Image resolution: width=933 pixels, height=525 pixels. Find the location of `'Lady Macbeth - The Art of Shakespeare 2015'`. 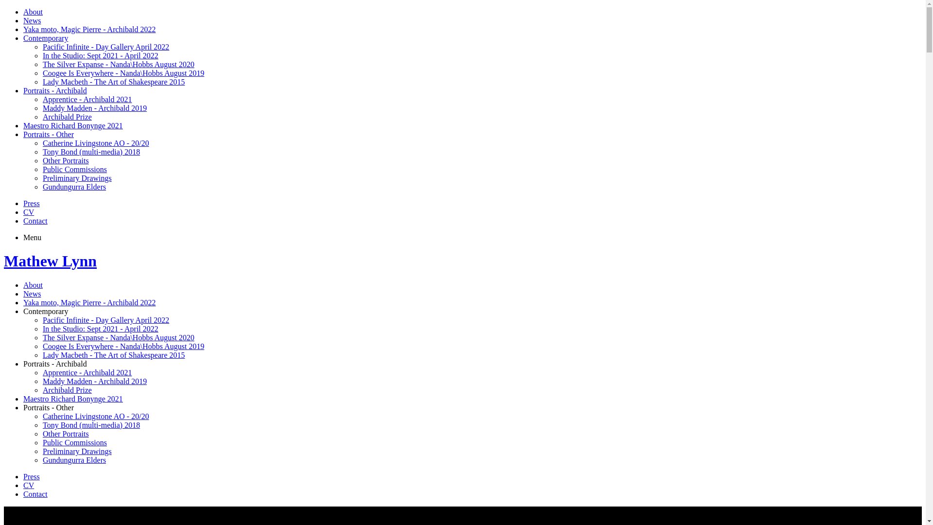

'Lady Macbeth - The Art of Shakespeare 2015' is located at coordinates (114, 81).